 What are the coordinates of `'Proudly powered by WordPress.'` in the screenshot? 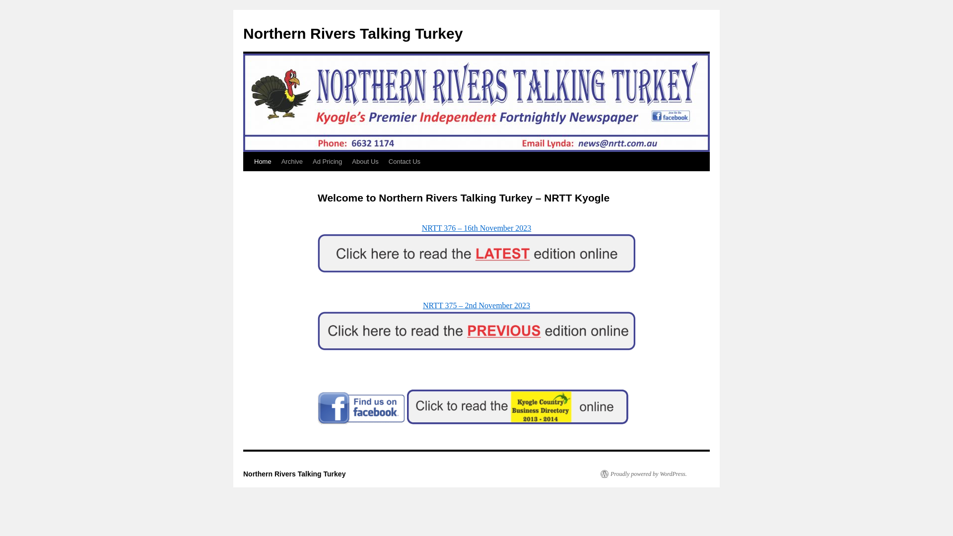 It's located at (643, 473).